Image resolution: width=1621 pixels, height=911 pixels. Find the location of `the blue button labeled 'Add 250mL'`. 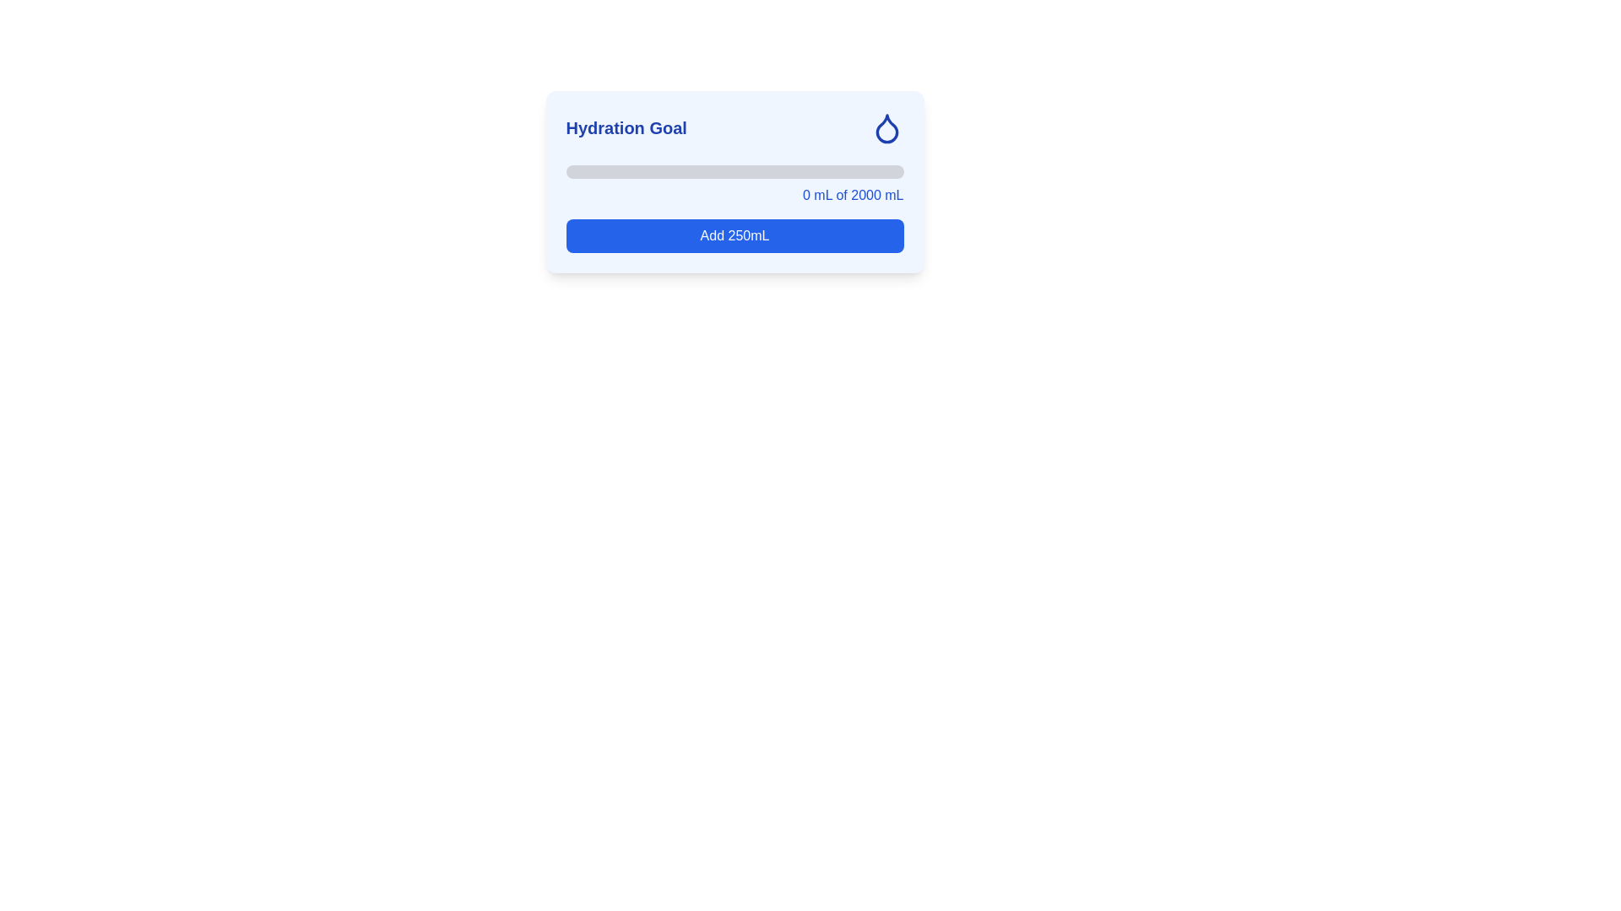

the blue button labeled 'Add 250mL' is located at coordinates (735, 236).